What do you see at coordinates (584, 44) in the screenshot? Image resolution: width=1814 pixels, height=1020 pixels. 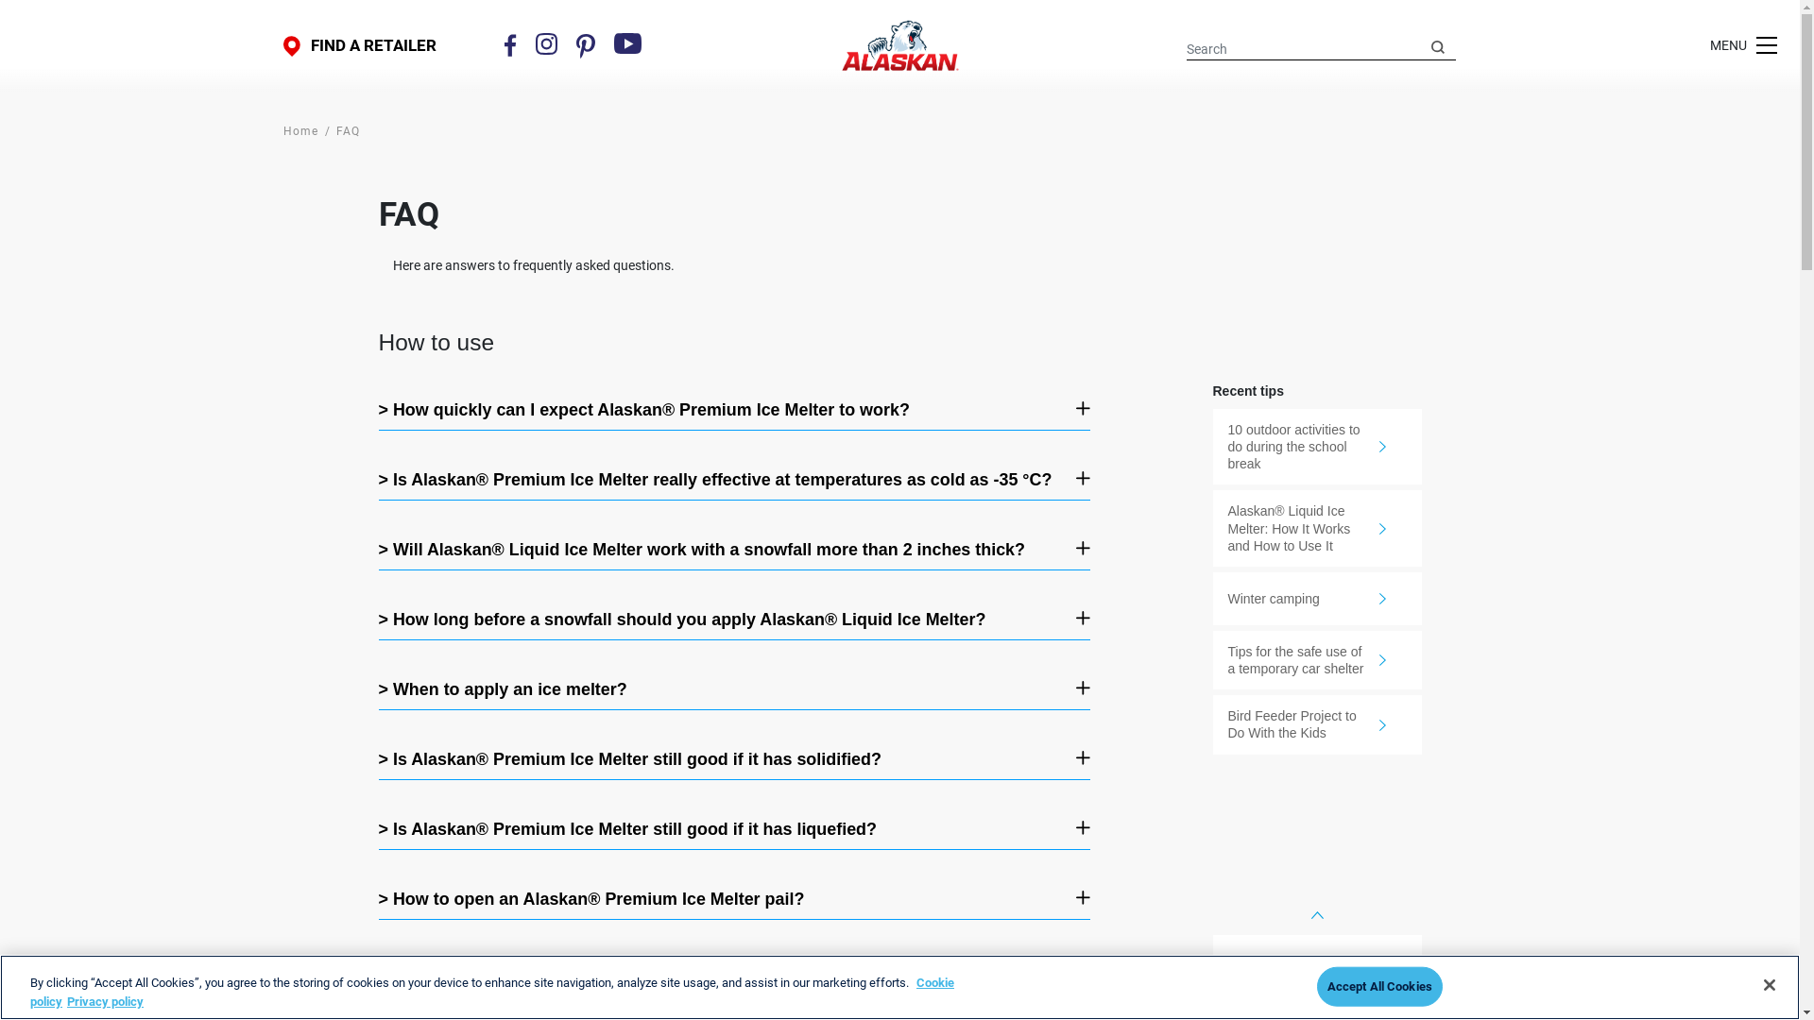 I see `'Pinterest'` at bounding box center [584, 44].